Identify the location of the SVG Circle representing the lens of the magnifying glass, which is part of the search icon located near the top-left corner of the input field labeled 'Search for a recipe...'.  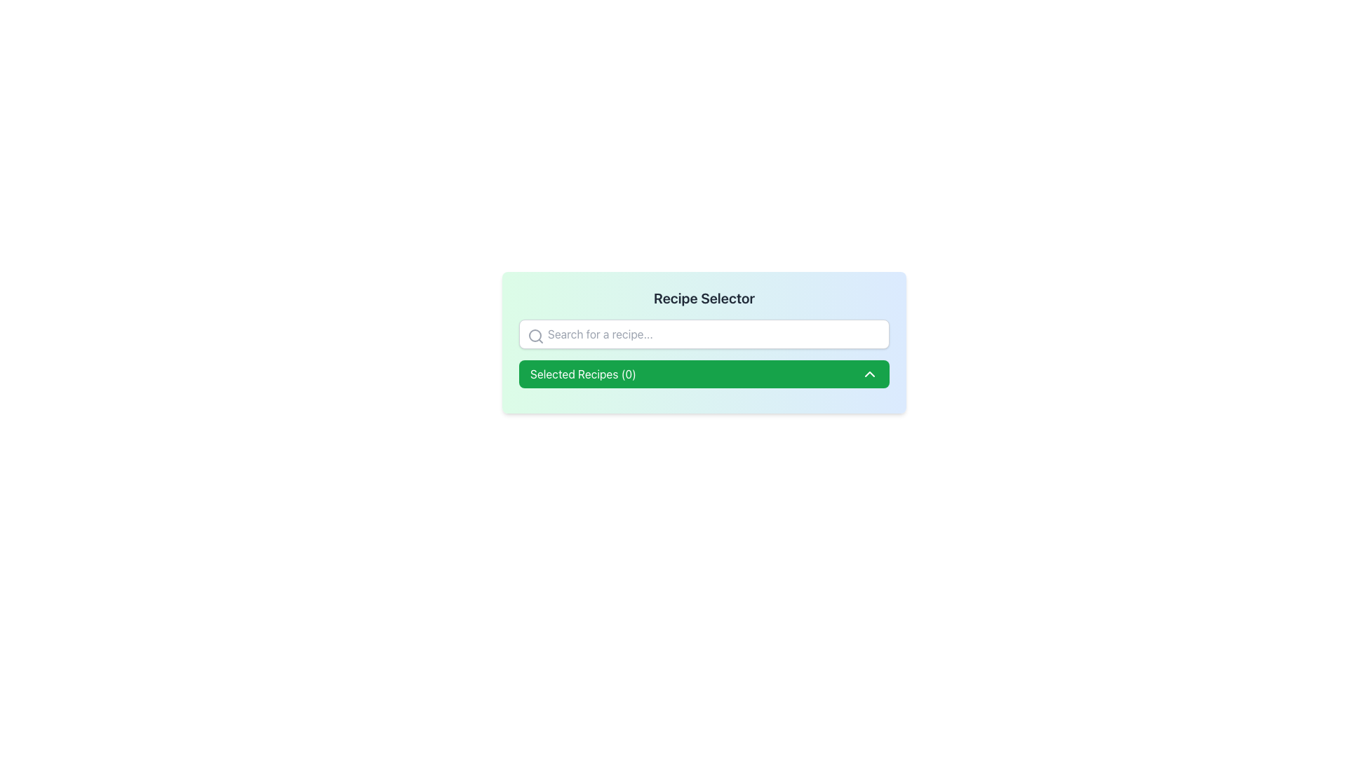
(535, 335).